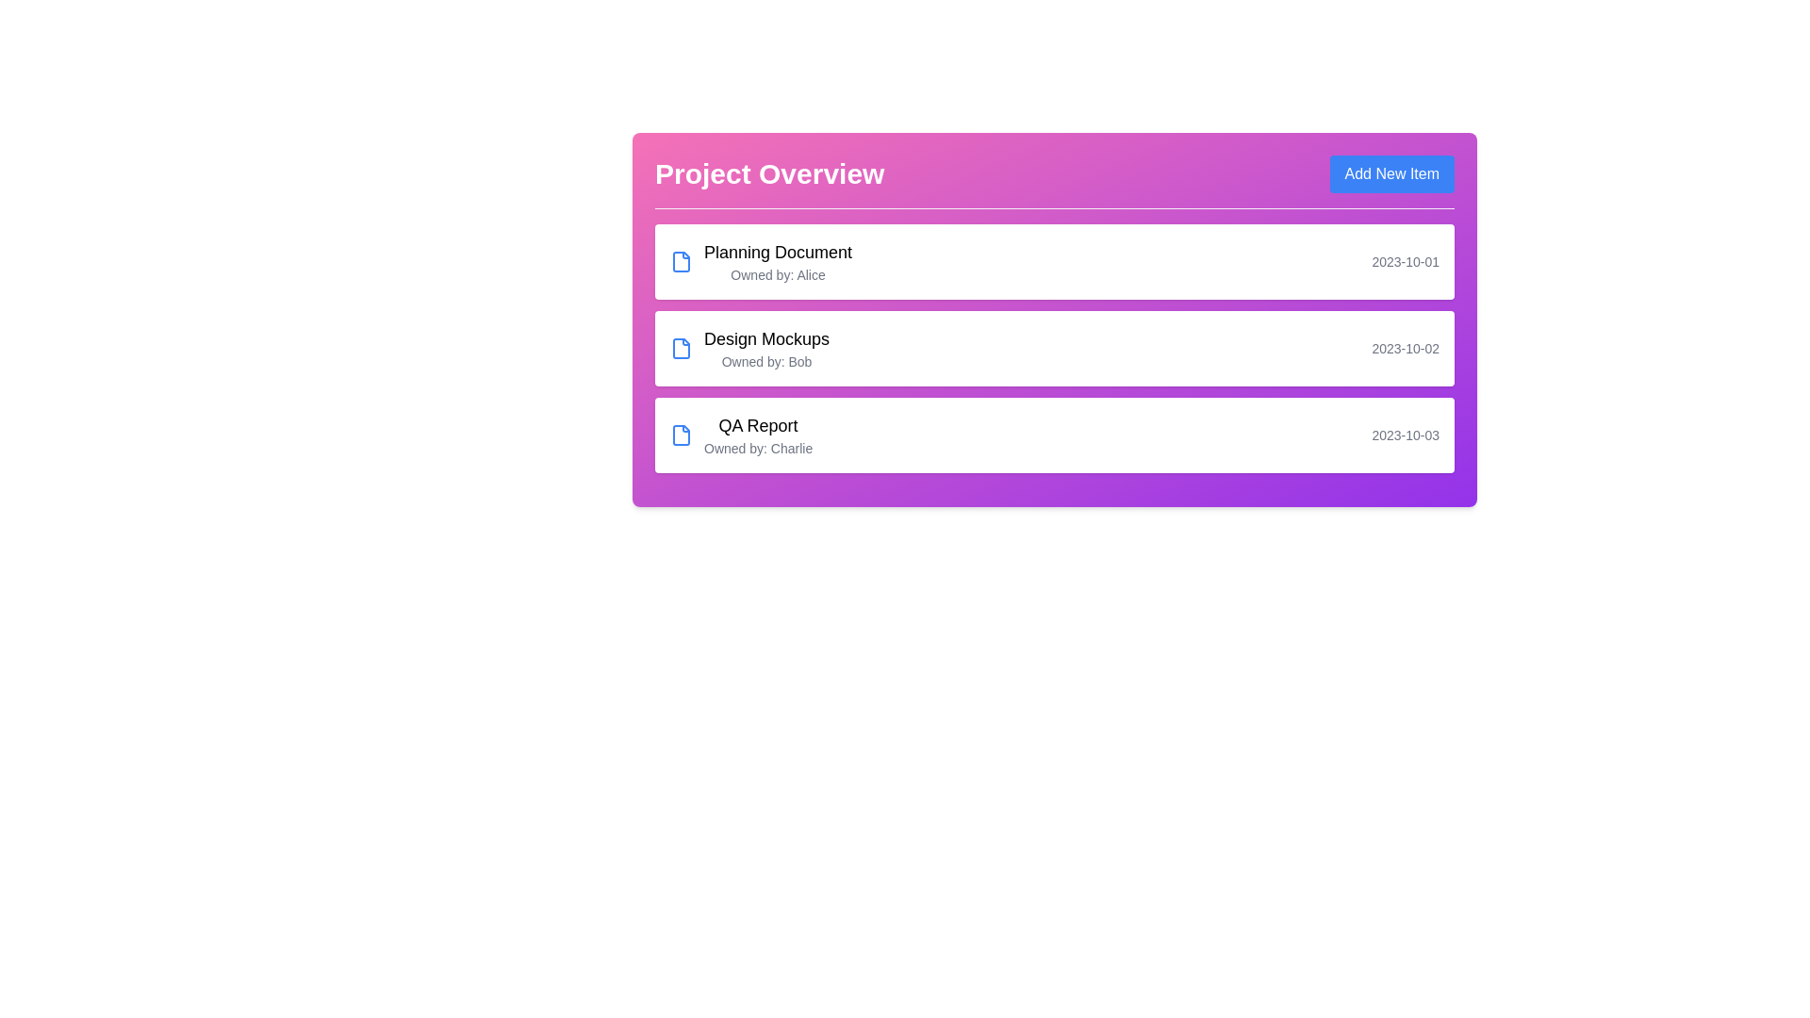 This screenshot has height=1018, width=1810. What do you see at coordinates (740, 435) in the screenshot?
I see `the 'QA Report' list item` at bounding box center [740, 435].